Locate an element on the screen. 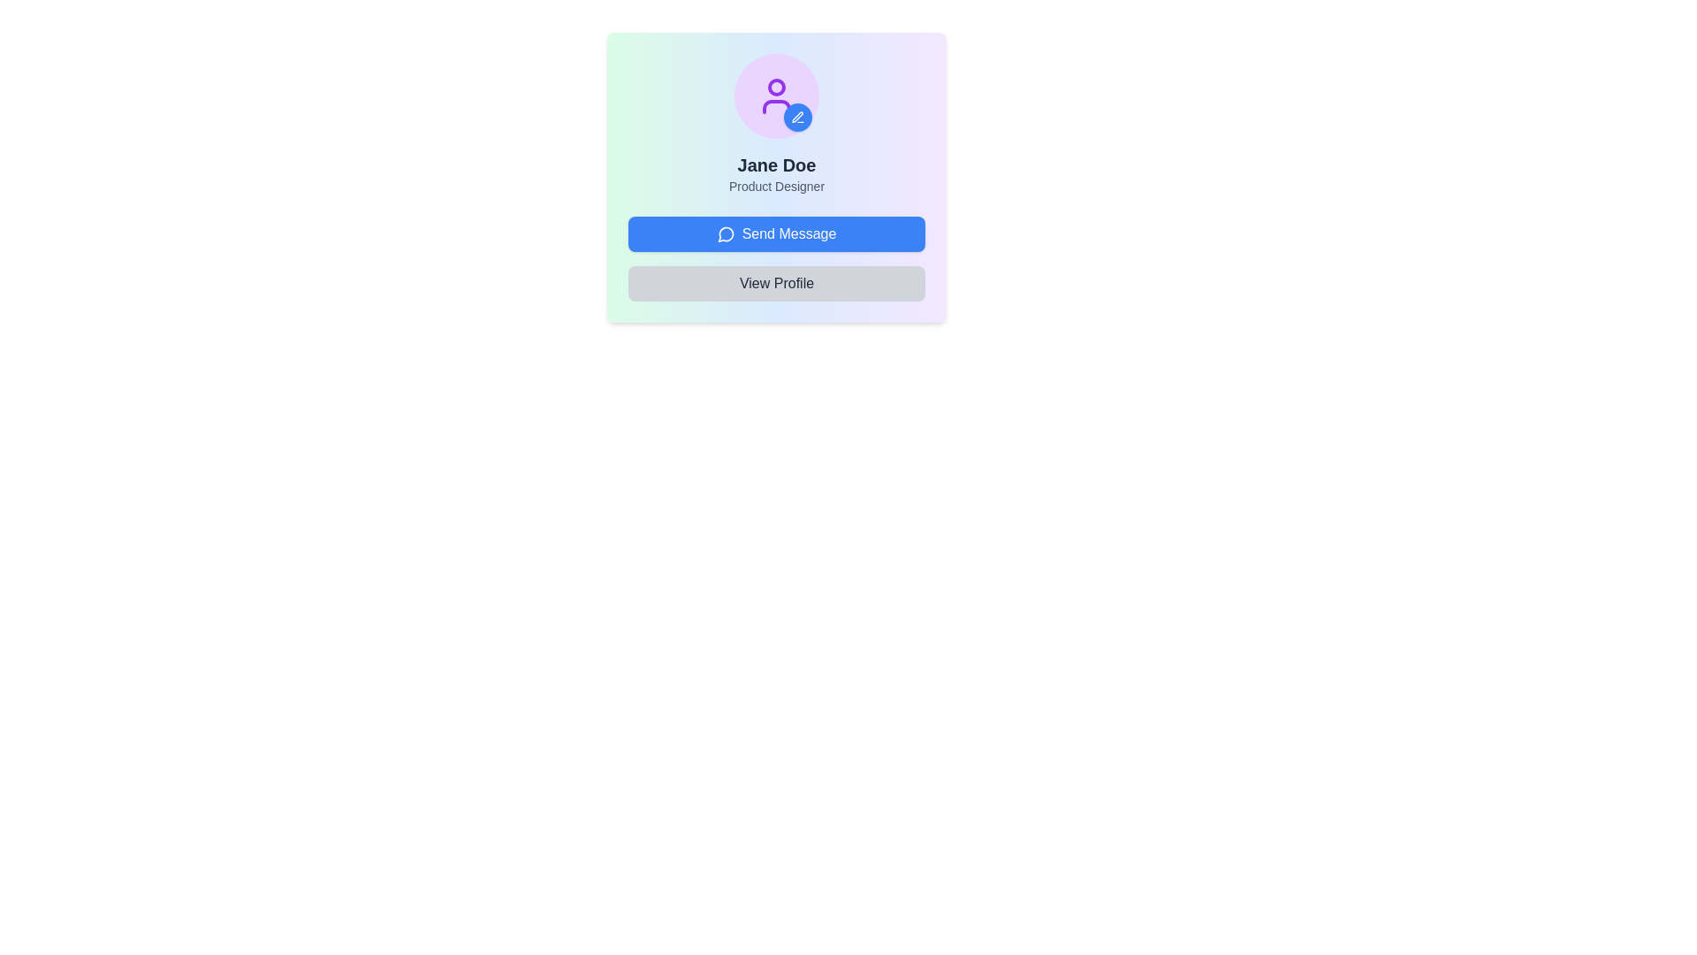 This screenshot has width=1697, height=955. the button that initiates a message to the individual whose profile is being viewed is located at coordinates (776, 233).